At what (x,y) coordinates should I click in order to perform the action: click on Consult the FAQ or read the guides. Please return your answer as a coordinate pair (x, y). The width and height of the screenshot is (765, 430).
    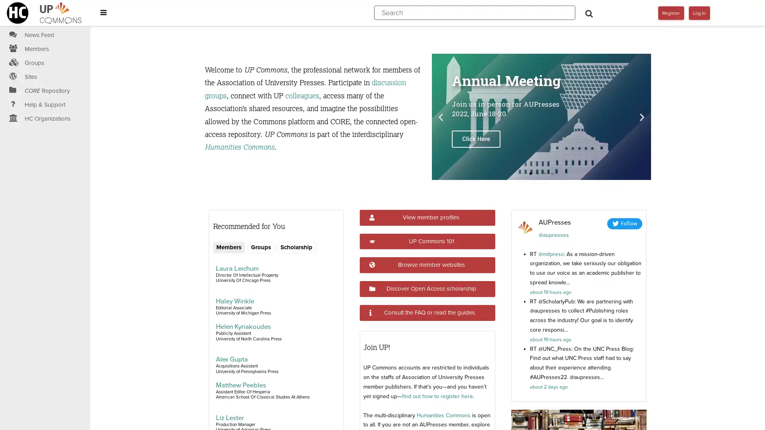
    Looking at the image, I should click on (427, 313).